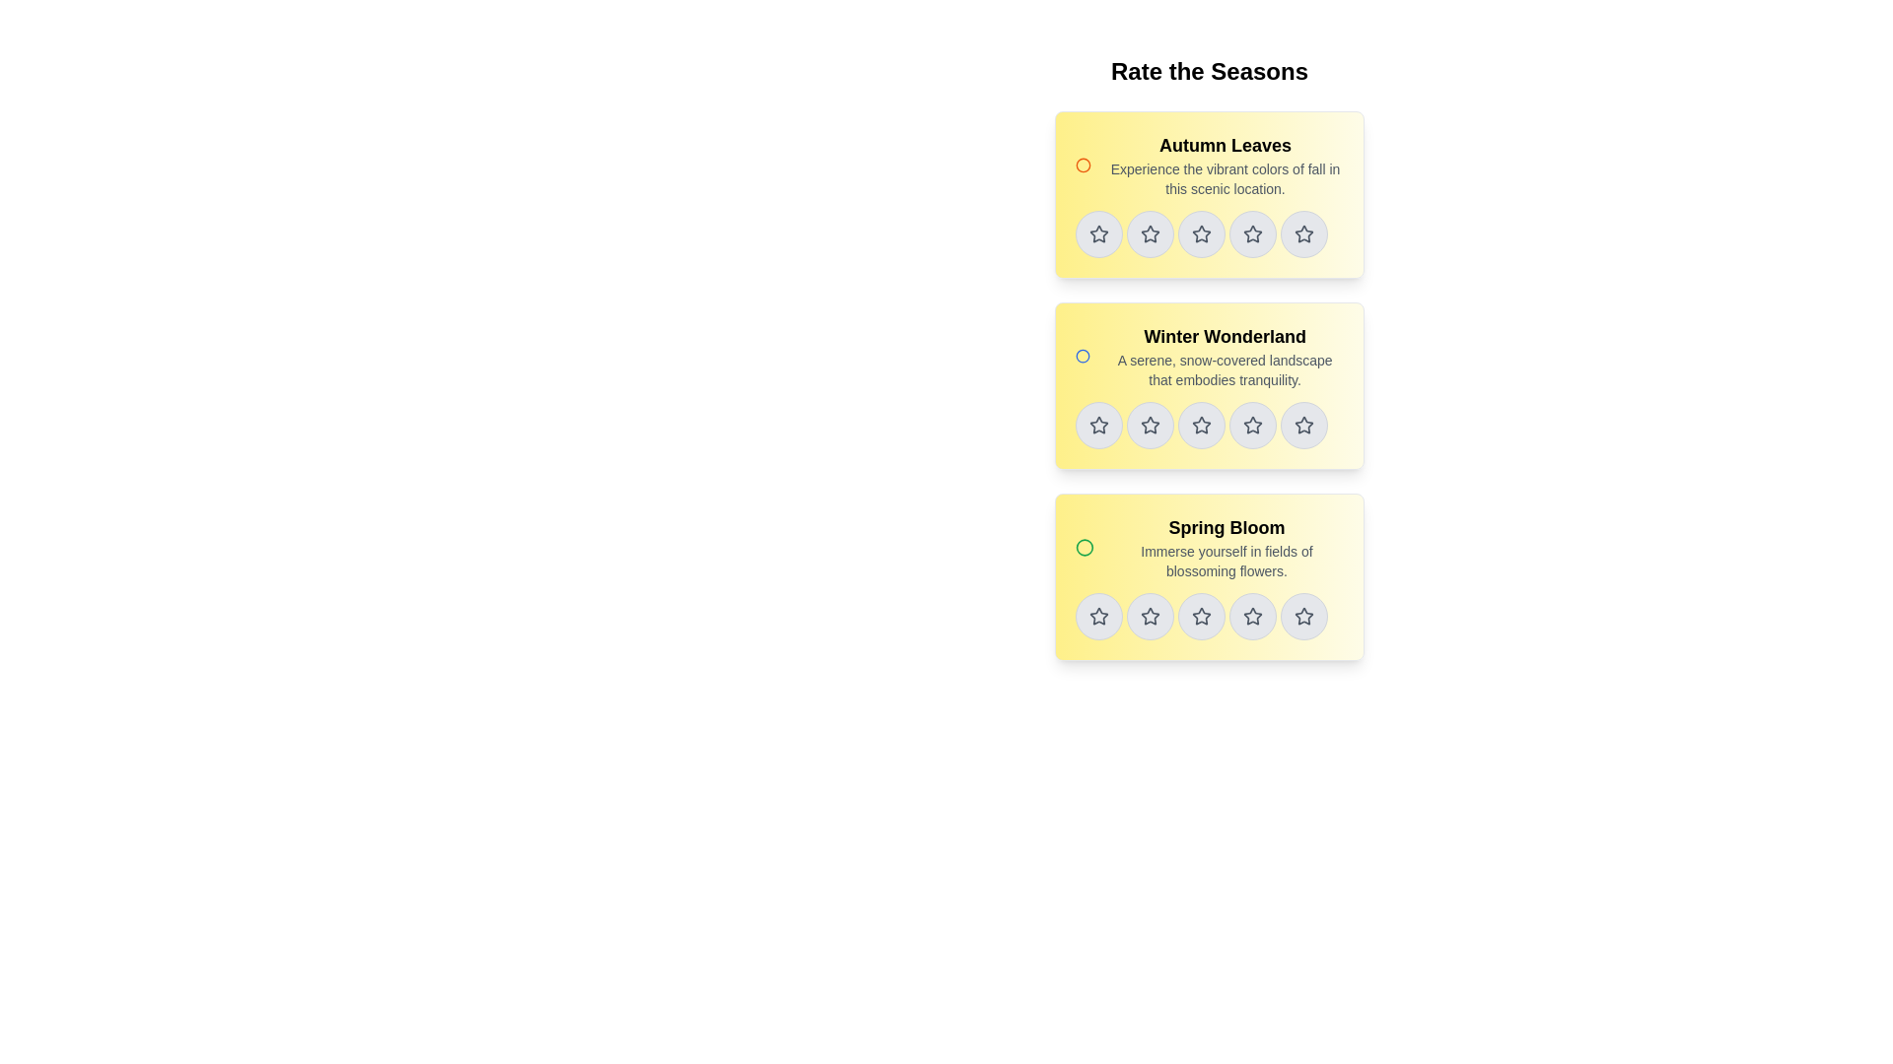  I want to click on the circular button with a light gray background and a star-shaped icon outlined in darker gray, which is the last button in the row under the 'Winter Wonderland' heading, so click(1304, 425).